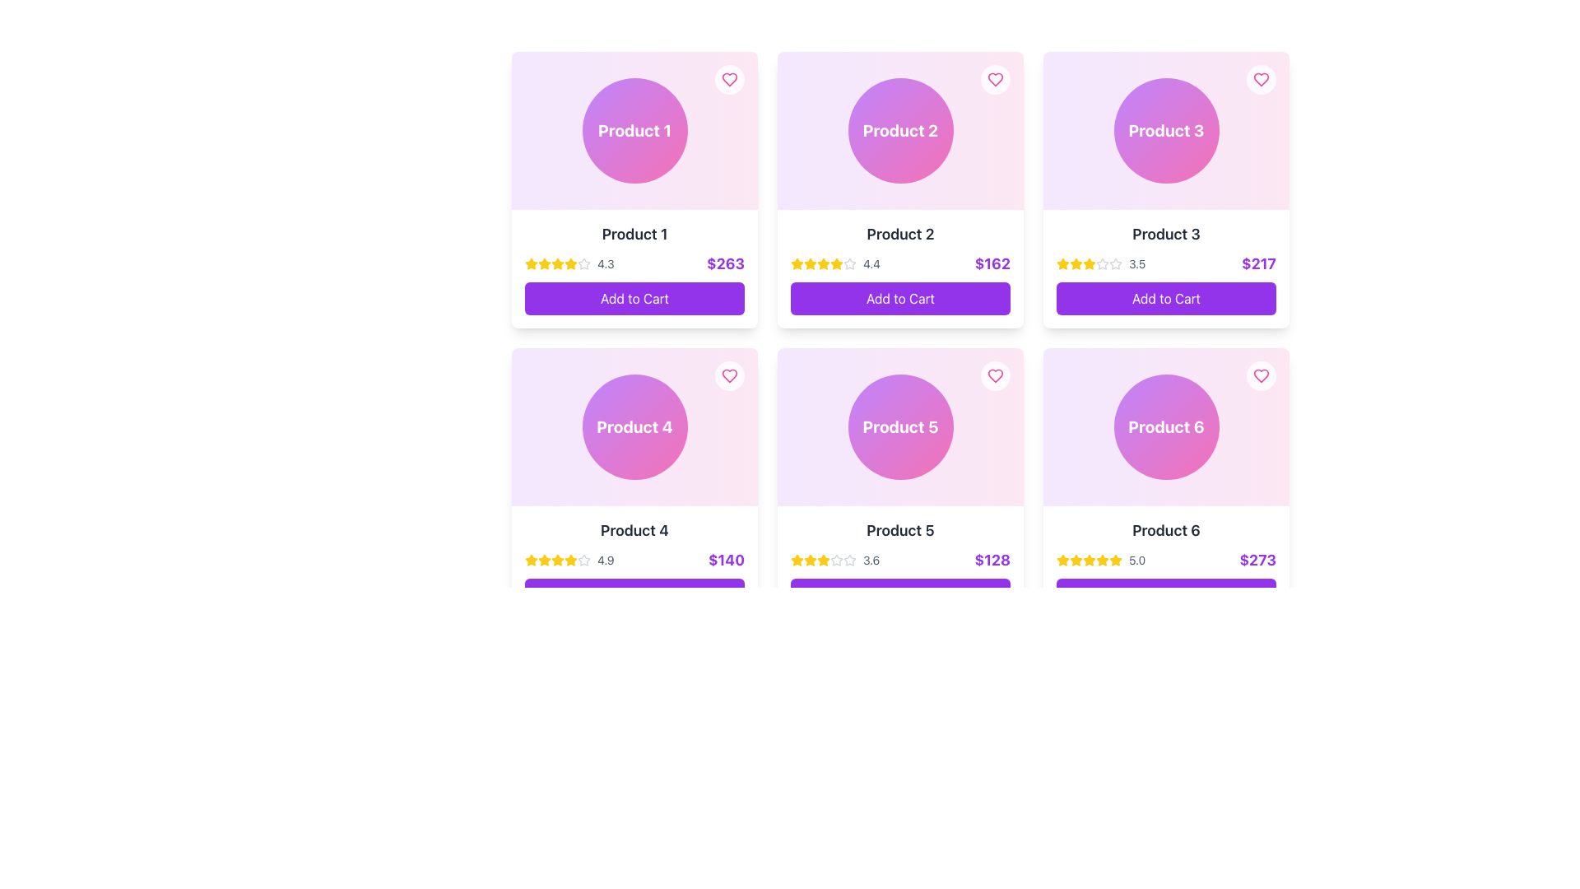 The width and height of the screenshot is (1580, 889). What do you see at coordinates (569, 560) in the screenshot?
I see `the Rating indicator displaying '4.9' with yellow star icons, located within the card for 'Product 4', positioned above the price display ($140)` at bounding box center [569, 560].